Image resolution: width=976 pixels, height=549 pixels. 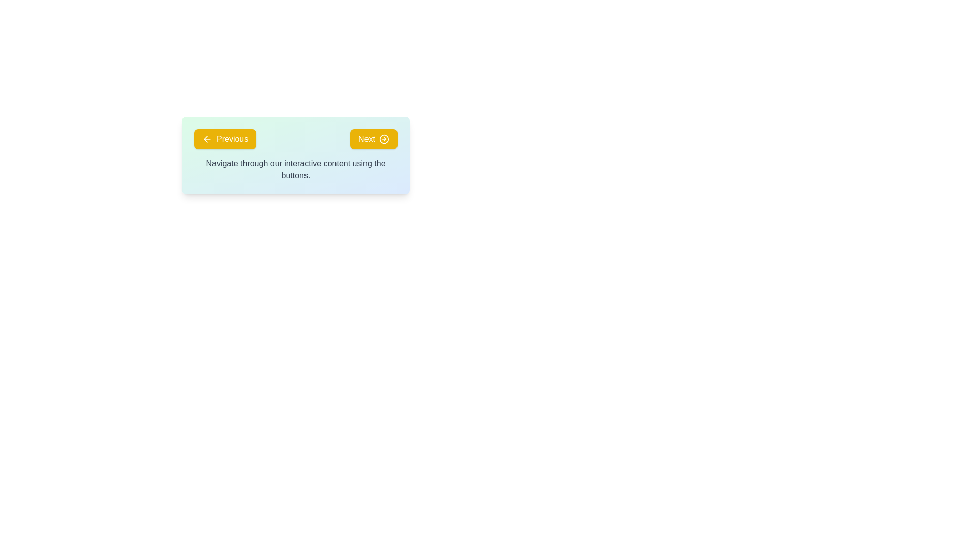 I want to click on the arrowhead icon within the 'Previous' button, located on the left side of the rectangular button for backward navigation, so click(x=205, y=139).